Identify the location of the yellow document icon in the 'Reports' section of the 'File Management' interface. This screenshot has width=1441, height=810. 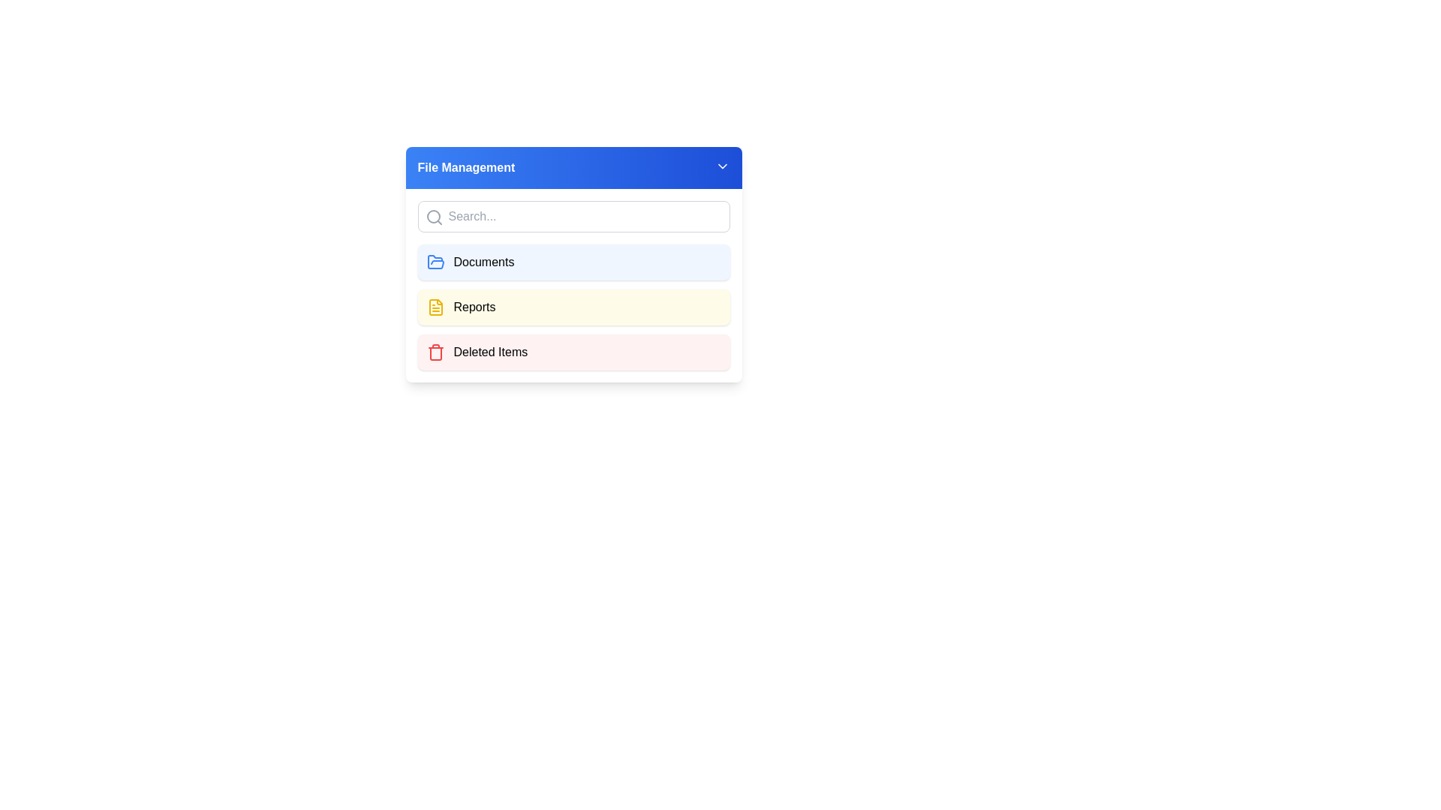
(435, 306).